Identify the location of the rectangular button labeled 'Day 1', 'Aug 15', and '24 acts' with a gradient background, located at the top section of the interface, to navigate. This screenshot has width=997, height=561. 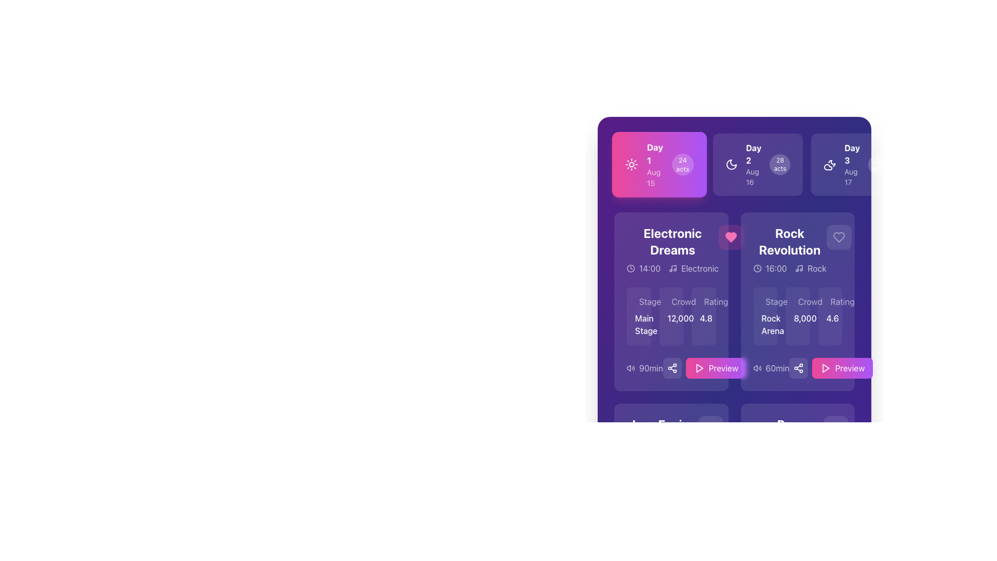
(658, 164).